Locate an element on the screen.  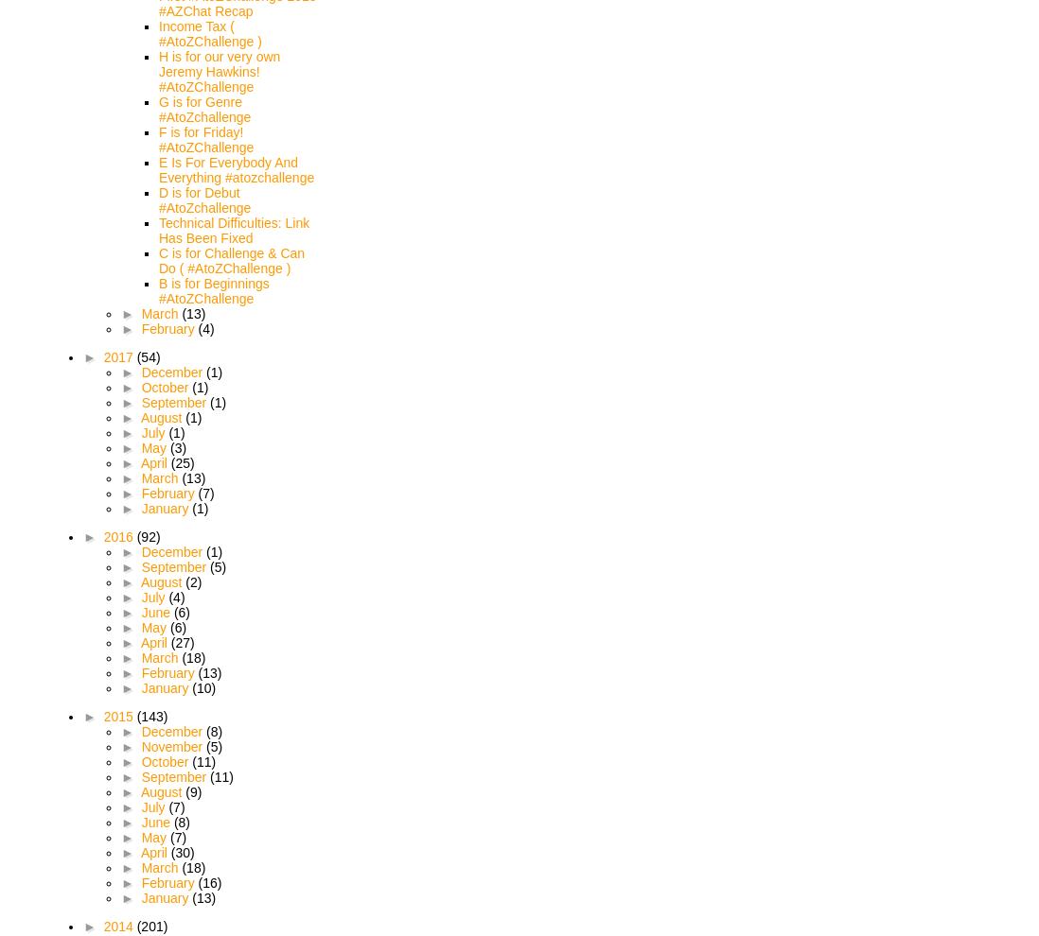
'(143)' is located at coordinates (151, 717).